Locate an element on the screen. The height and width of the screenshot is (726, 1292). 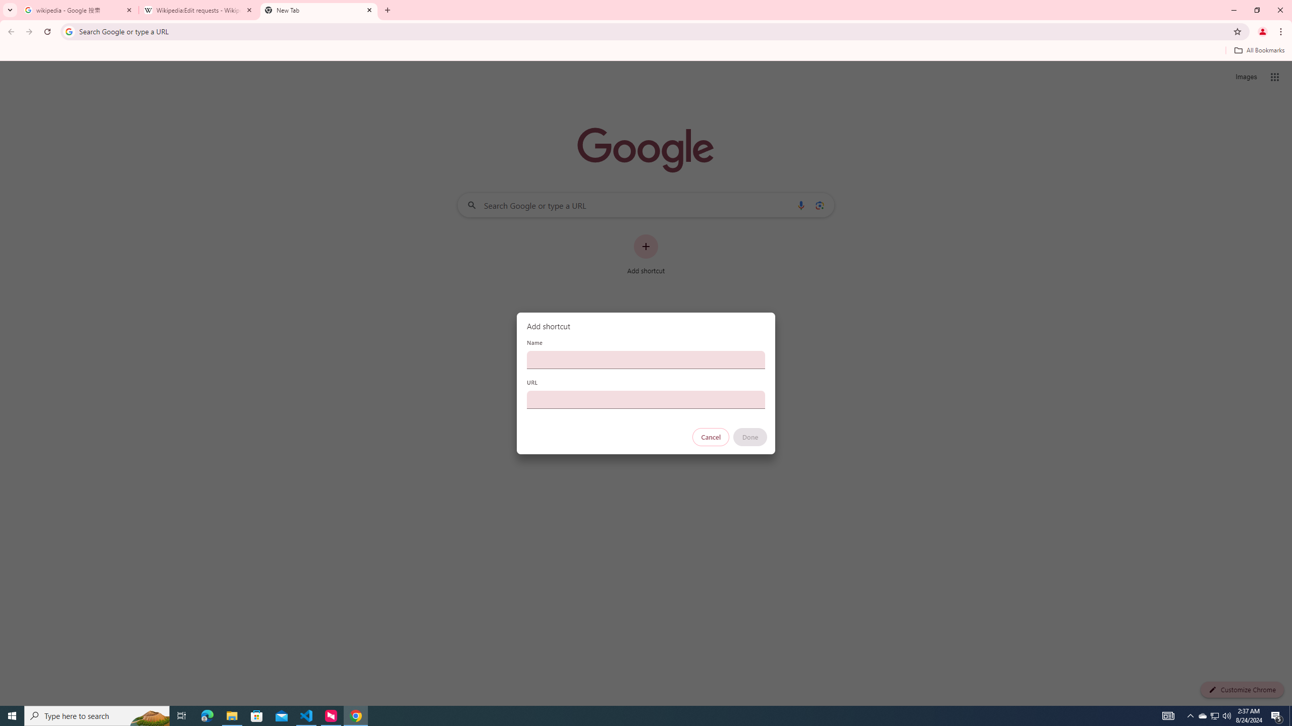
'New Tab' is located at coordinates (318, 10).